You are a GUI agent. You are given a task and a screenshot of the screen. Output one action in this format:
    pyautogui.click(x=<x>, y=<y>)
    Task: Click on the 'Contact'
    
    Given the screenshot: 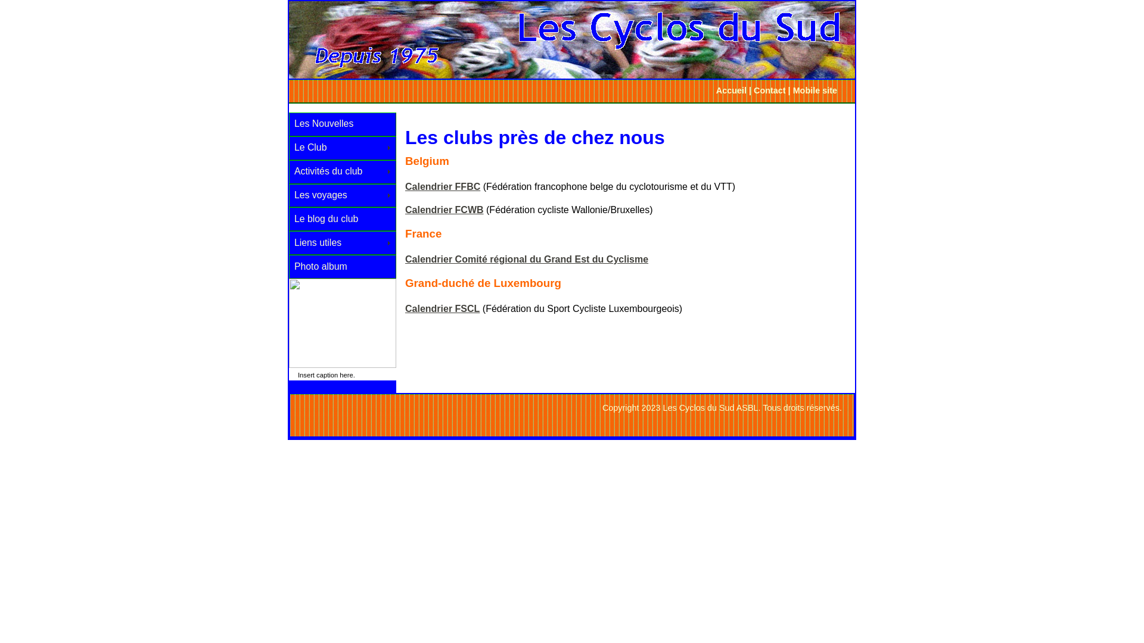 What is the action you would take?
    pyautogui.click(x=769, y=89)
    